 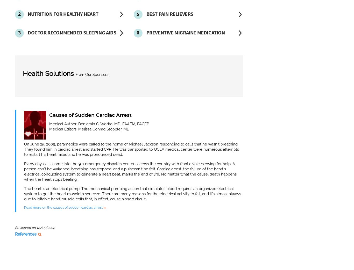 What do you see at coordinates (49, 129) in the screenshot?
I see `'Medical Editors:  Melissa Conrad Stöppler, MD'` at bounding box center [49, 129].